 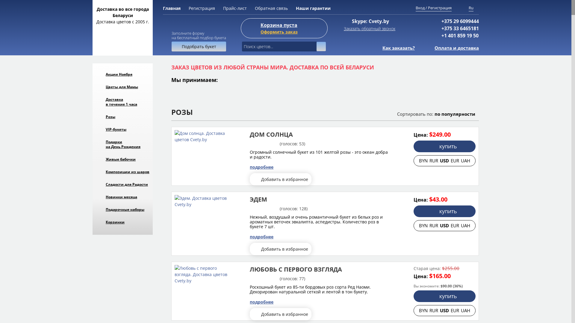 What do you see at coordinates (445, 225) in the screenshot?
I see `'USD'` at bounding box center [445, 225].